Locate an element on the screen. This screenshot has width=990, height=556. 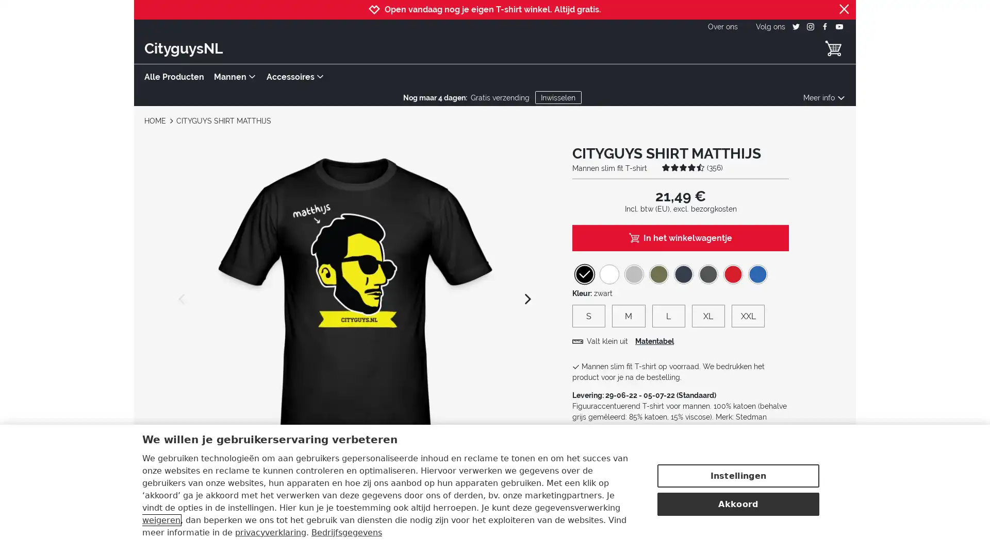
Instellingen is located at coordinates (737, 468).